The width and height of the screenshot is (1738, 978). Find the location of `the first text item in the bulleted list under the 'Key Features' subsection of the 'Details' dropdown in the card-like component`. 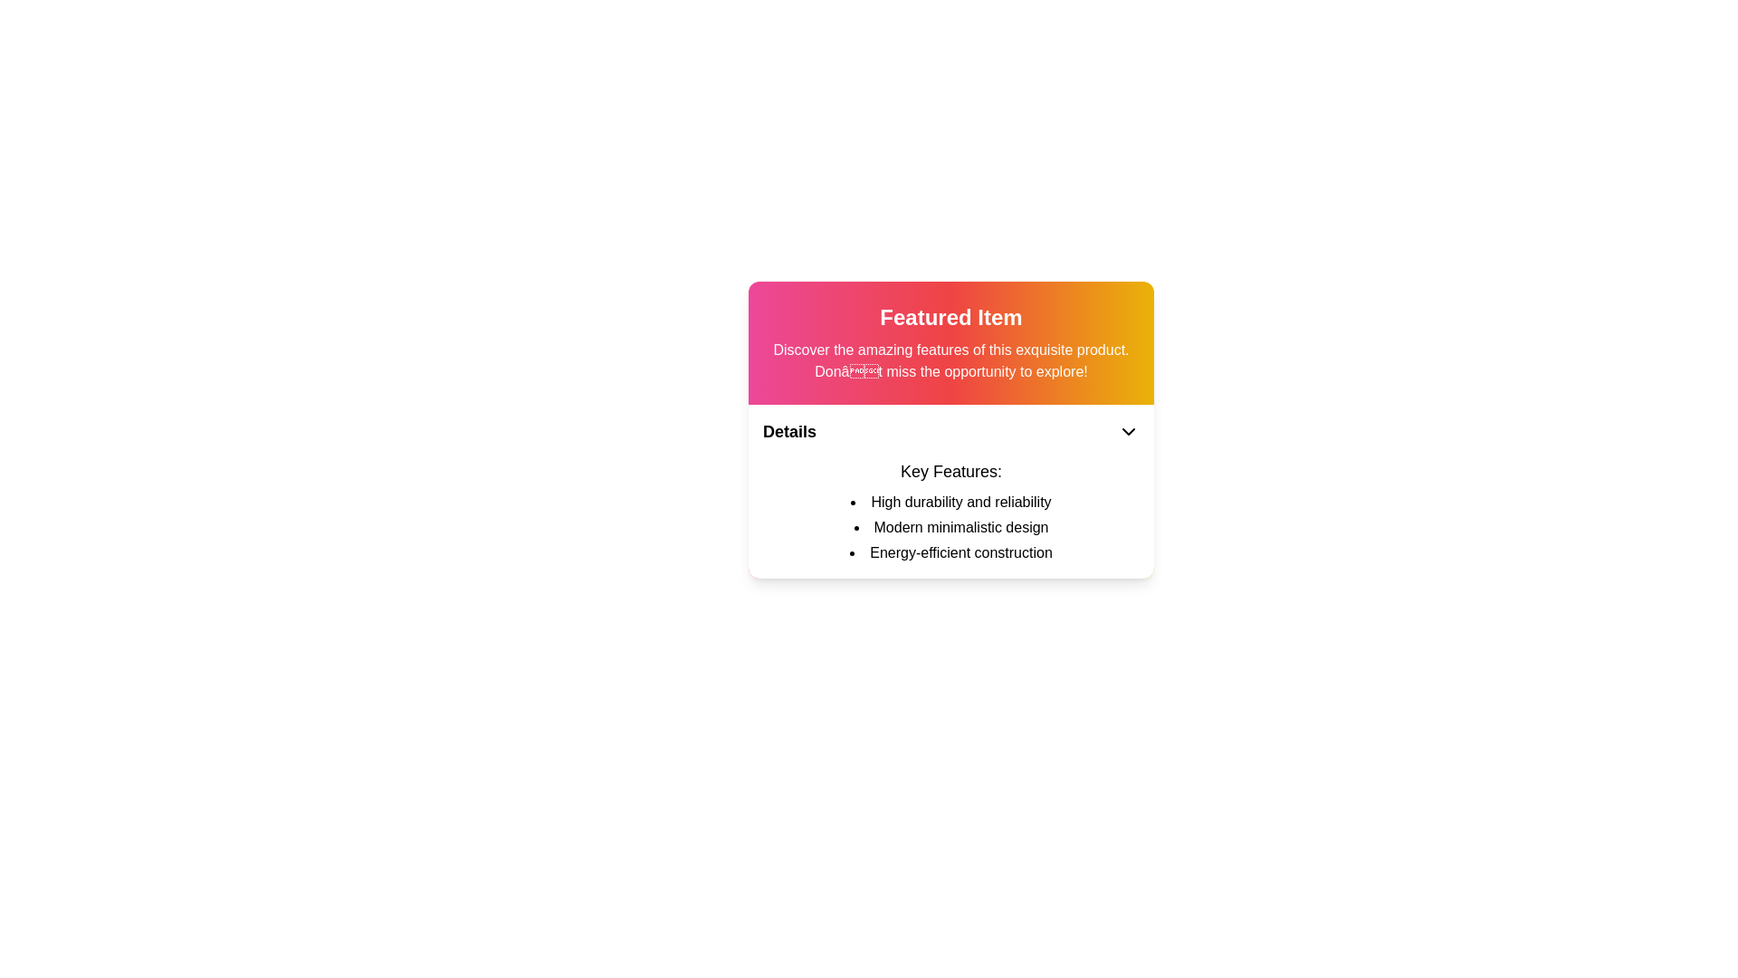

the first text item in the bulleted list under the 'Key Features' subsection of the 'Details' dropdown in the card-like component is located at coordinates (950, 503).